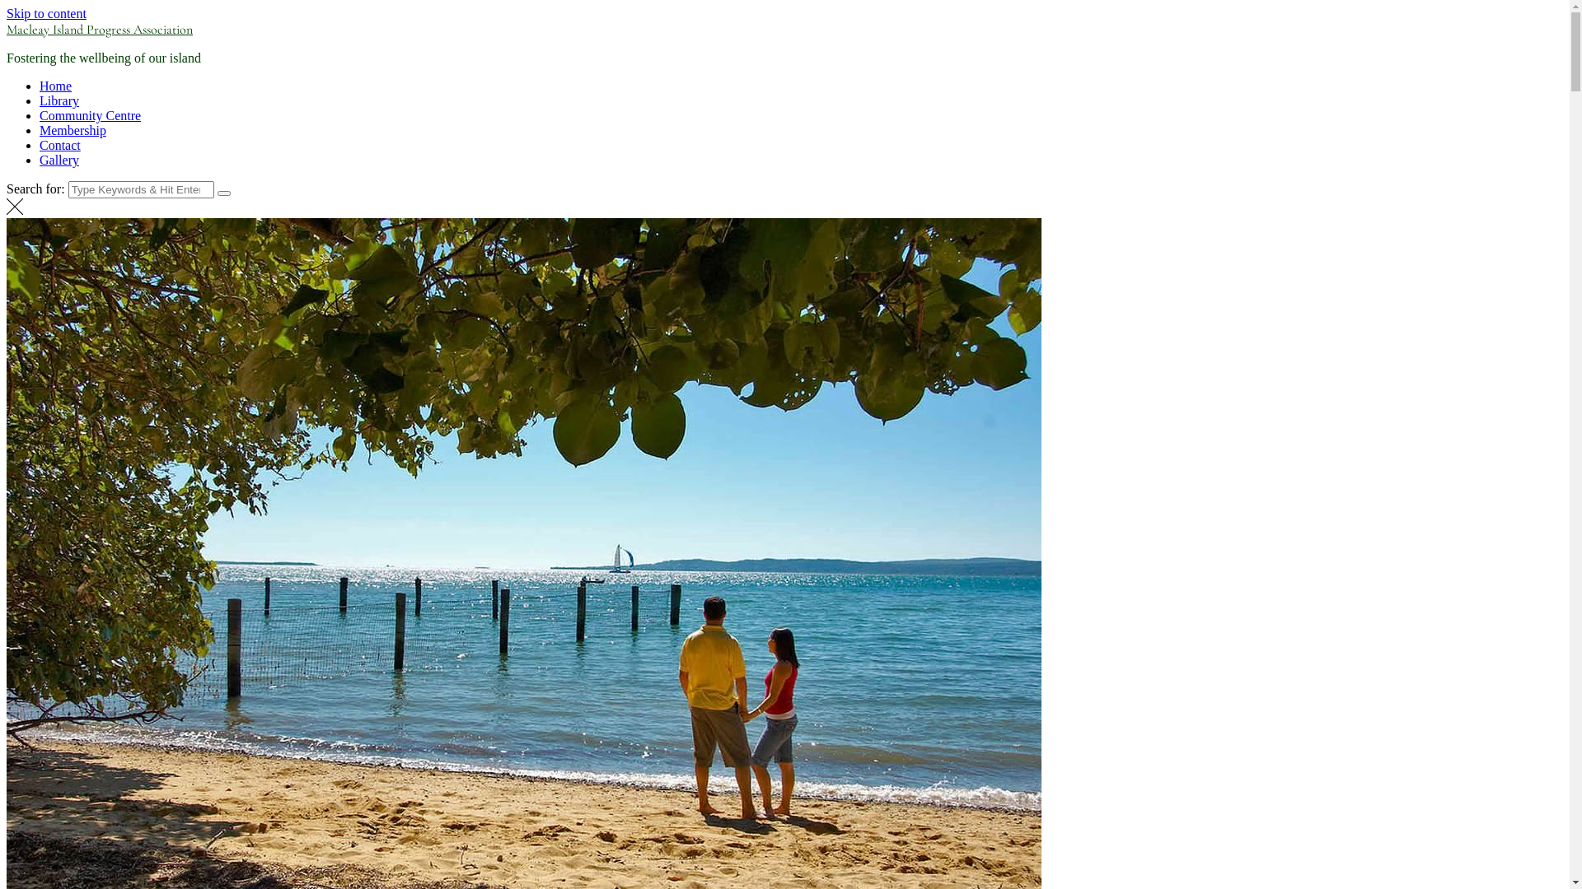 The image size is (1582, 889). Describe the element at coordinates (40, 160) in the screenshot. I see `'Gallery'` at that location.